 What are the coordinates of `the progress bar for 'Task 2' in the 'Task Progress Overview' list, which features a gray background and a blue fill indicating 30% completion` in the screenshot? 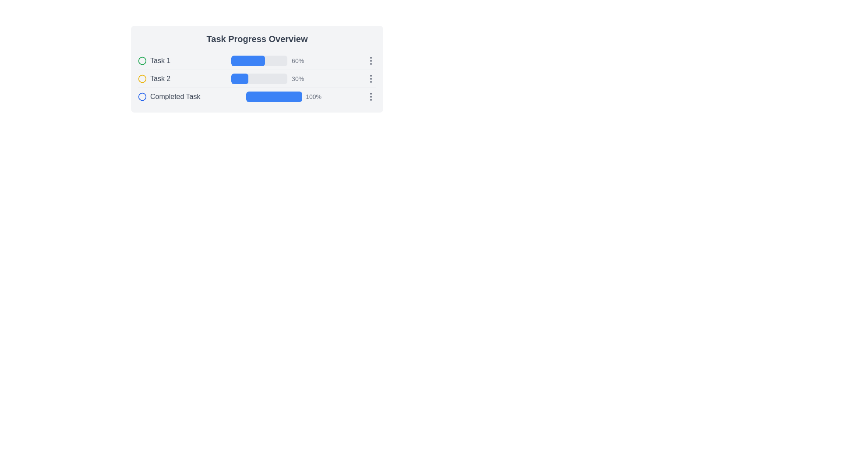 It's located at (259, 79).